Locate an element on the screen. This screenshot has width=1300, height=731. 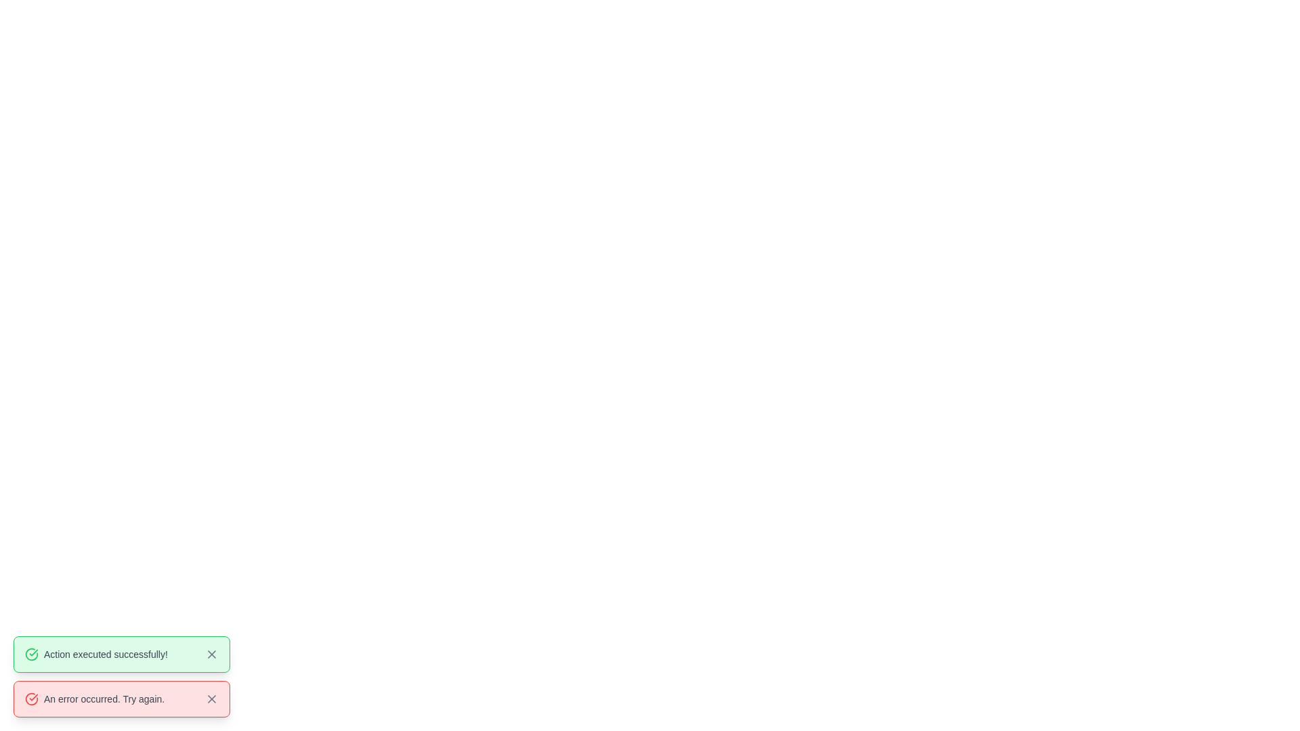
the small gray 'X' graphic within the SVG located in the bottom-right error notification area of the interface is located at coordinates (211, 654).